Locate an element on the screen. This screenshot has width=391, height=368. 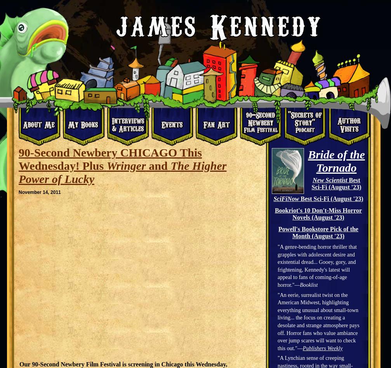
'90-Second Newbery CHICAGO This Wednesday! Plus' is located at coordinates (110, 159).